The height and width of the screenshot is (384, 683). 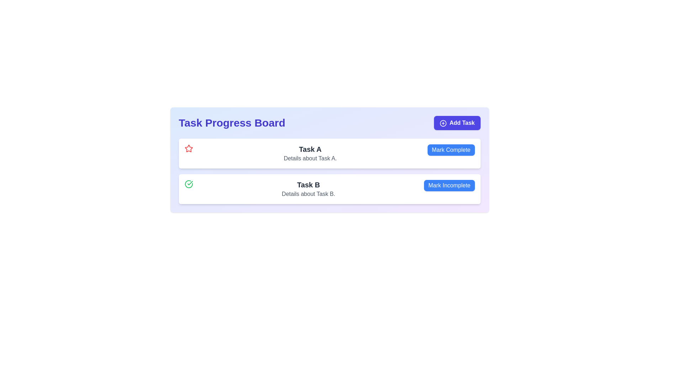 What do you see at coordinates (443, 123) in the screenshot?
I see `the decorative circular icon within the 'Add Task' button located at the top-right section of the task progress board interface` at bounding box center [443, 123].